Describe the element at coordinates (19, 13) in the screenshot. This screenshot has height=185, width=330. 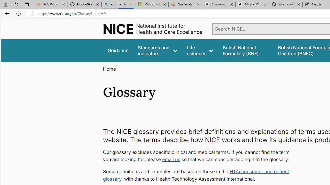
I see `'Refresh'` at that location.